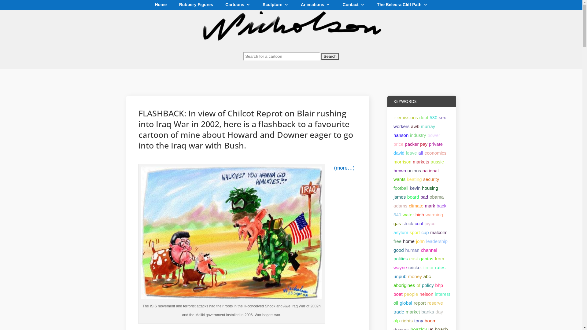  Describe the element at coordinates (429, 250) in the screenshot. I see `'channel'` at that location.